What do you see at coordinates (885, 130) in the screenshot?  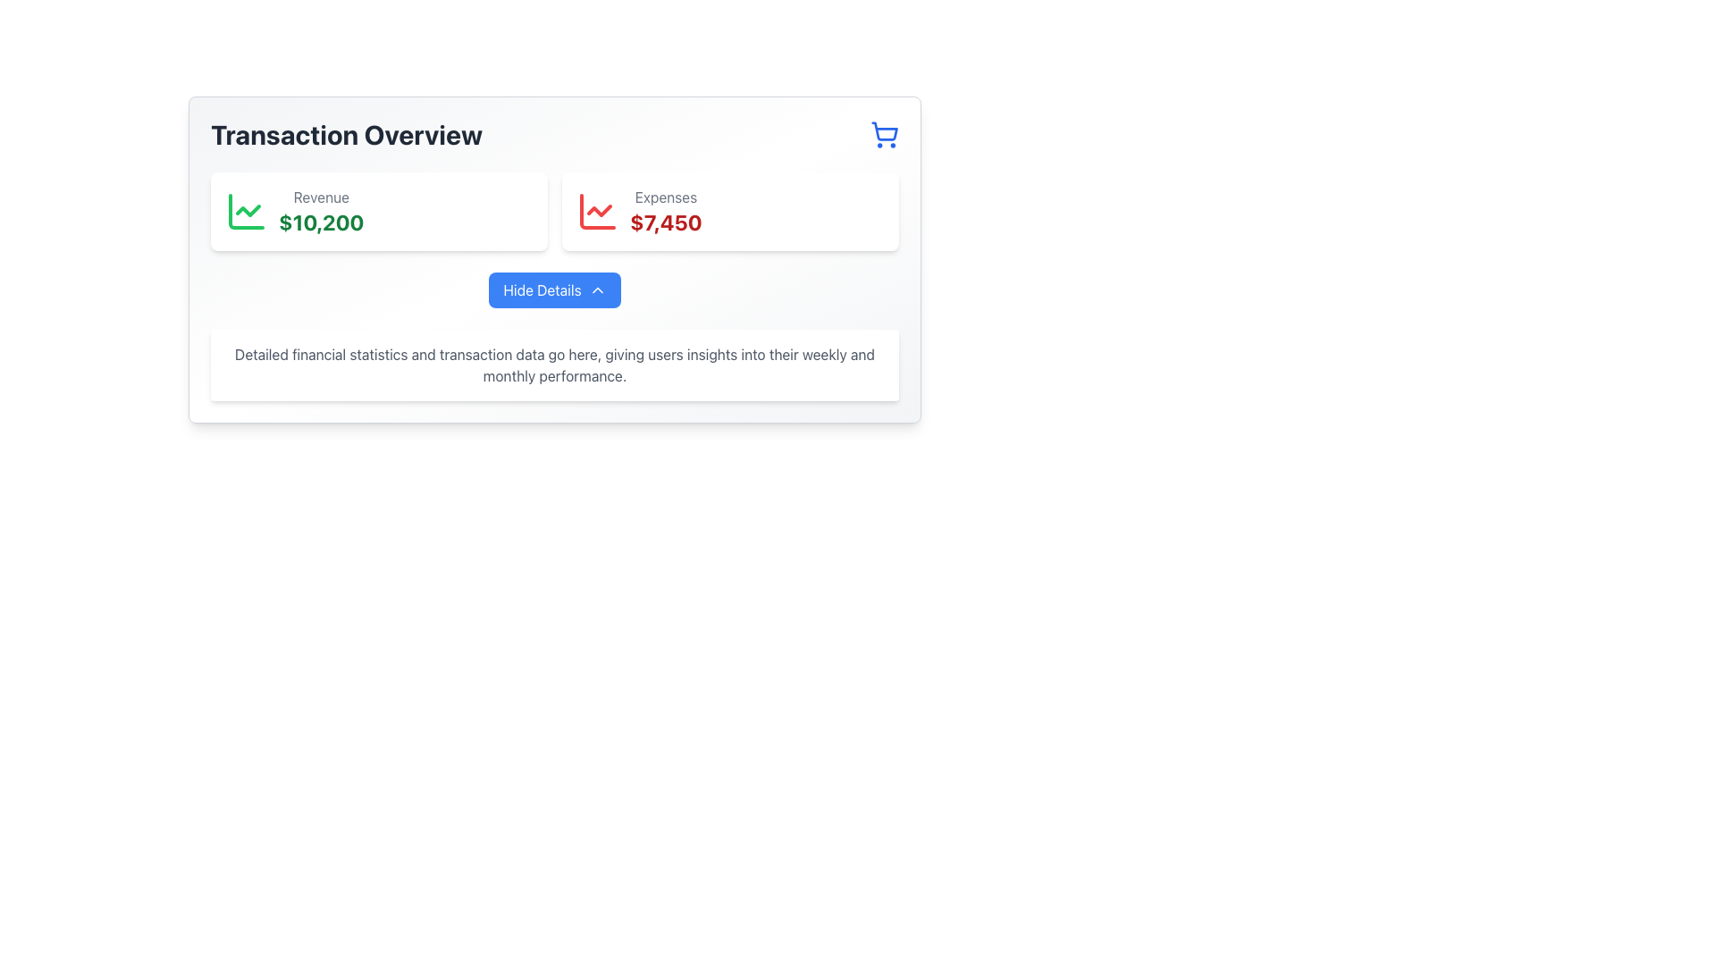 I see `the shopping cart icon located at the top-right corner of the interface, above the two small circular graphics representing cart wheels` at bounding box center [885, 130].